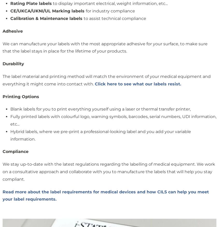  Describe the element at coordinates (138, 83) in the screenshot. I see `'Click here to see what our labels resist.'` at that location.